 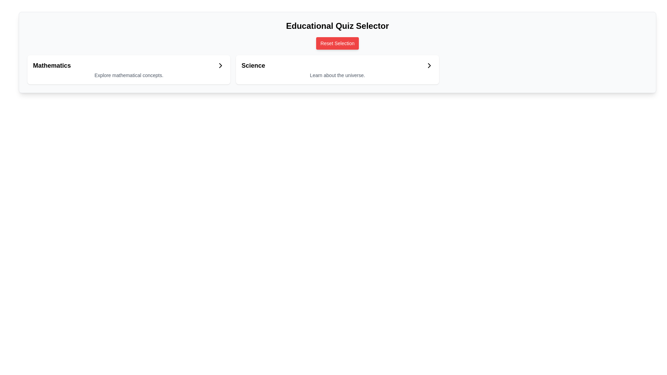 What do you see at coordinates (337, 66) in the screenshot?
I see `the text 'Science' with the embedded arrow icon for keyboard accessibility` at bounding box center [337, 66].